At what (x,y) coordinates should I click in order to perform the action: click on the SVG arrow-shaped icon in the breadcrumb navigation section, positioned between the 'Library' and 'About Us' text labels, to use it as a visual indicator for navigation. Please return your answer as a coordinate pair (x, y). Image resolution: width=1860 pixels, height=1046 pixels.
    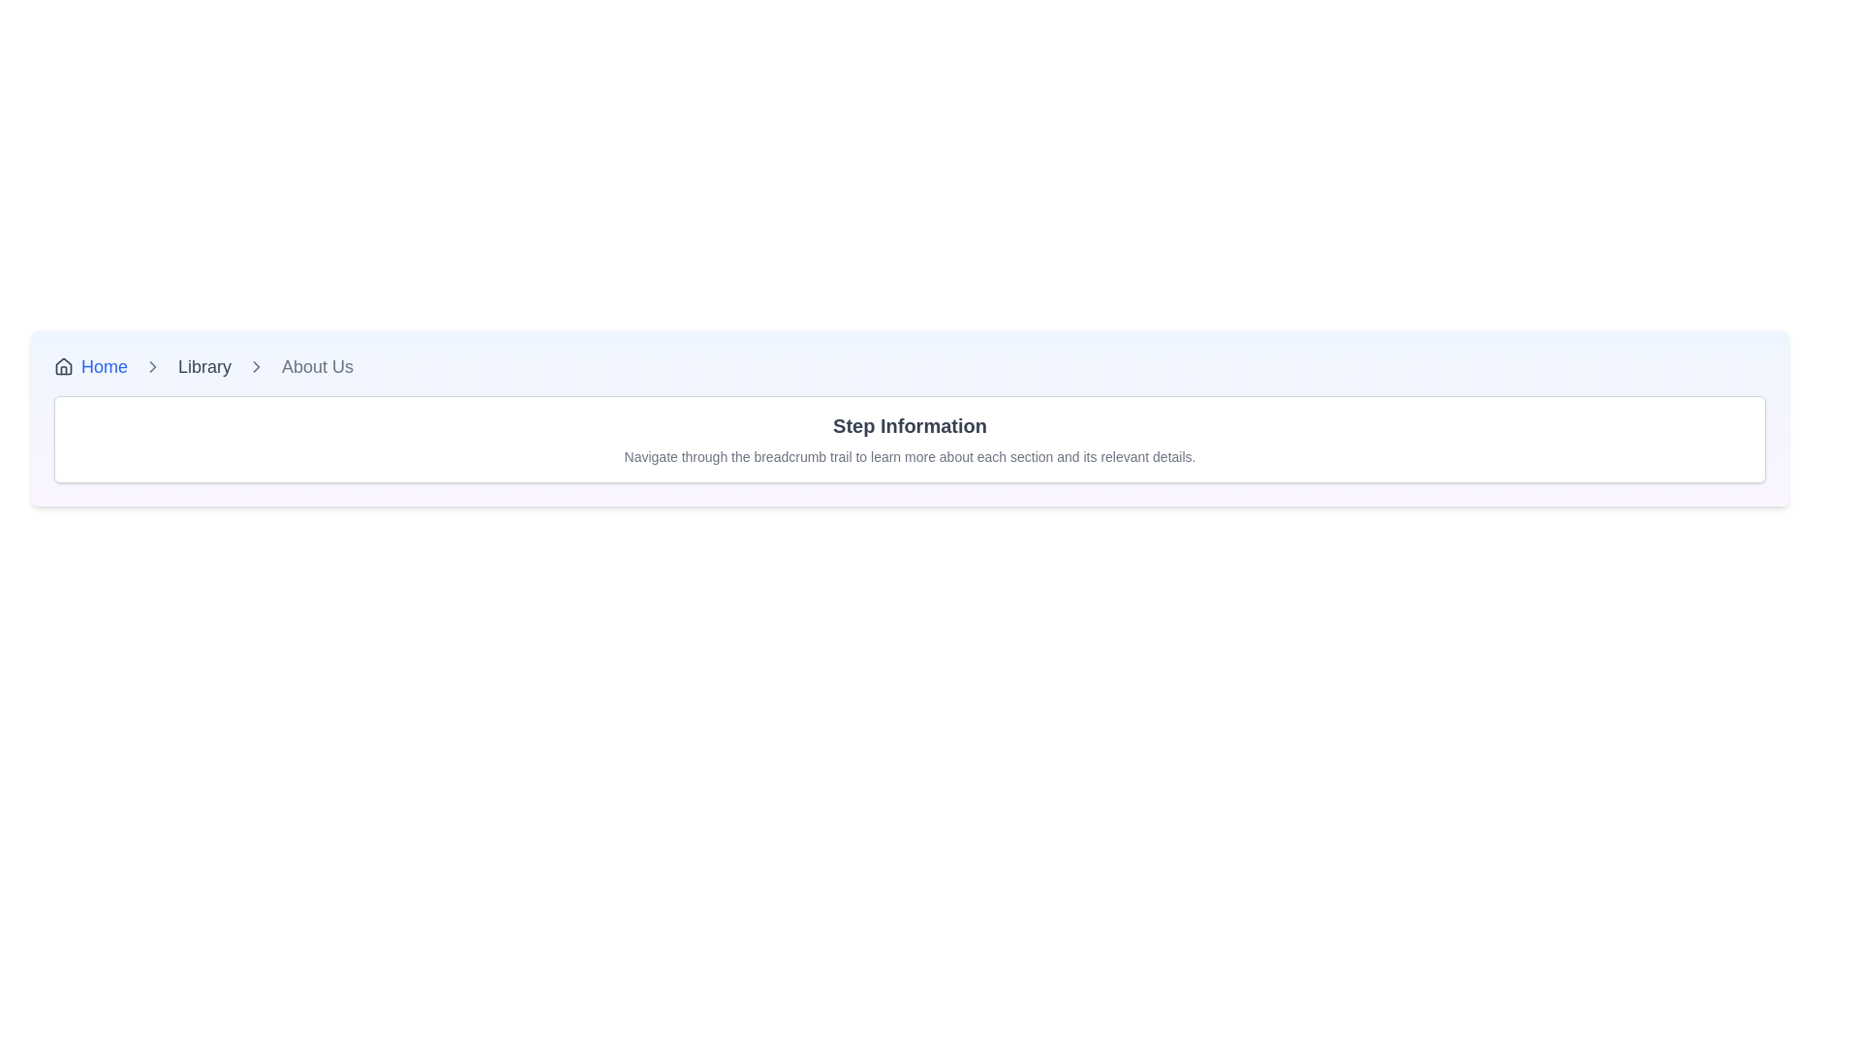
    Looking at the image, I should click on (152, 366).